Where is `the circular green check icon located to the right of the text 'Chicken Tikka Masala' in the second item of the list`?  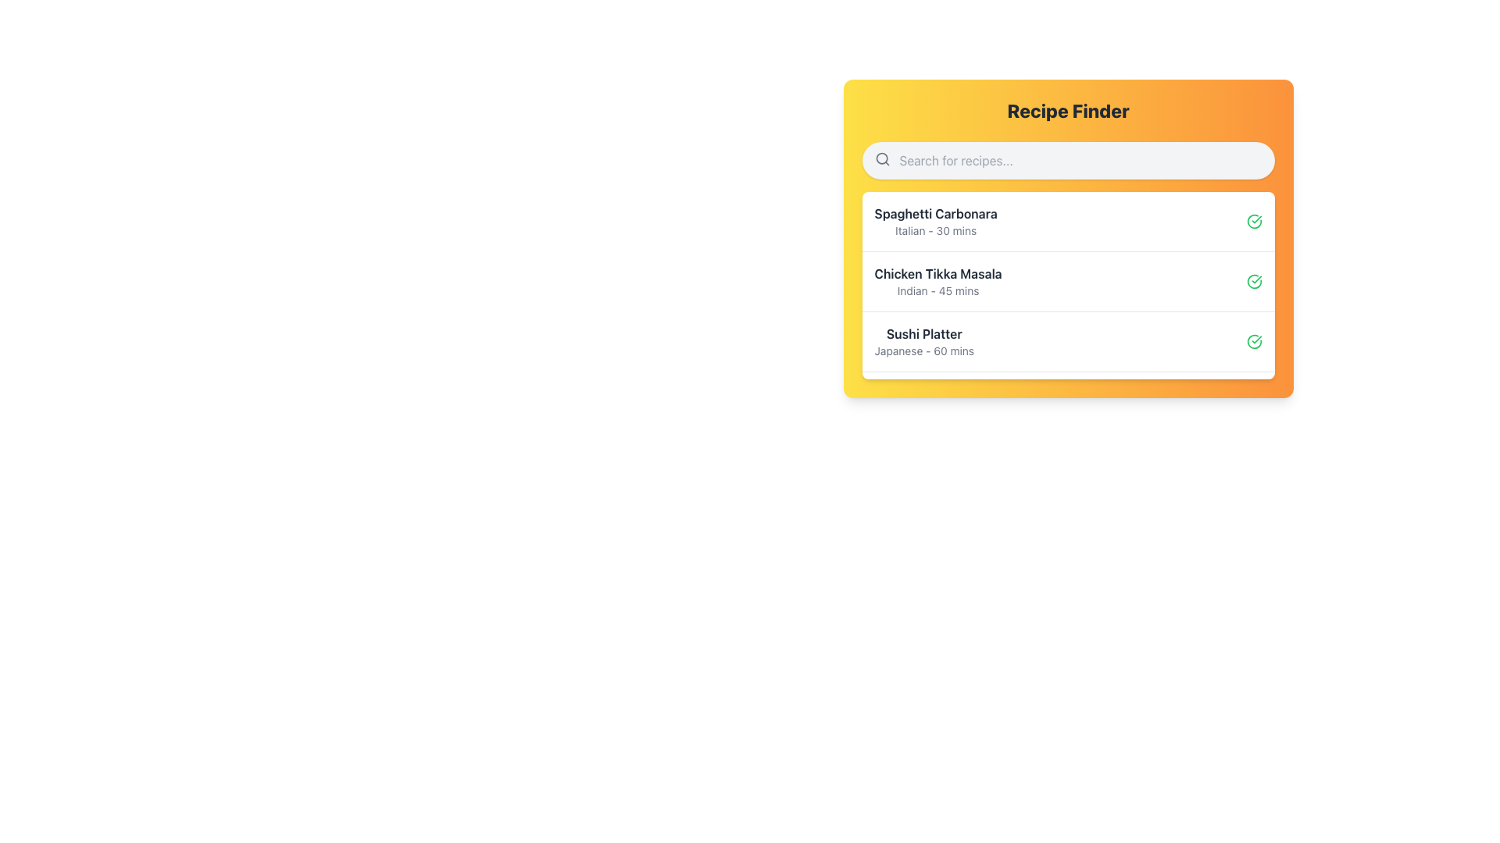 the circular green check icon located to the right of the text 'Chicken Tikka Masala' in the second item of the list is located at coordinates (1254, 282).